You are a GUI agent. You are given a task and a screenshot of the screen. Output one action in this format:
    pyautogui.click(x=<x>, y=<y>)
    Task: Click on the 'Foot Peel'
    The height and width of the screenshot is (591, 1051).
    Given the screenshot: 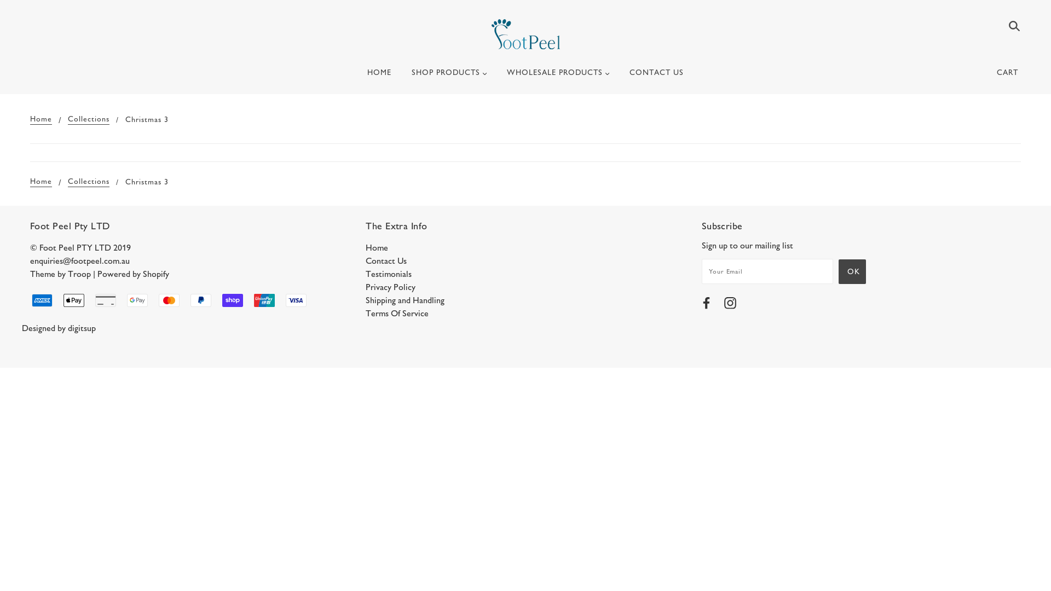 What is the action you would take?
    pyautogui.click(x=490, y=33)
    